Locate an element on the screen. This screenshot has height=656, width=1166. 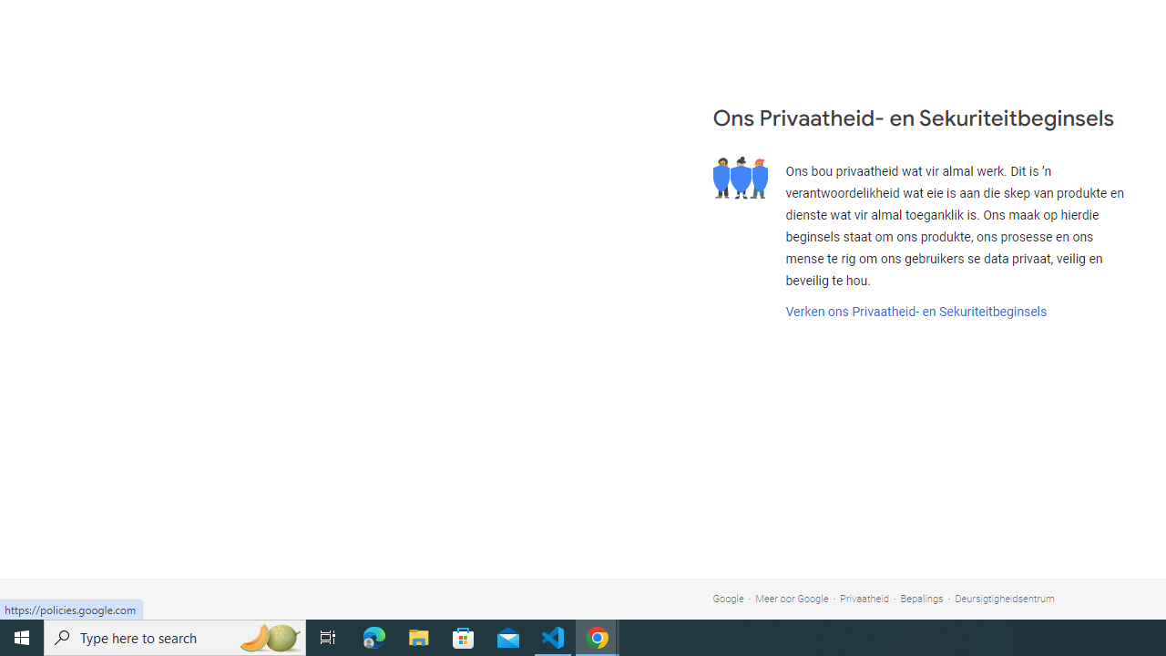
'Google' is located at coordinates (727, 599).